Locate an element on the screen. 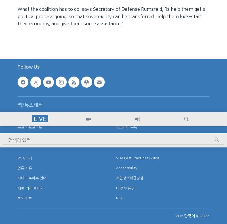 The image size is (227, 224). 'RFA' is located at coordinates (119, 198).